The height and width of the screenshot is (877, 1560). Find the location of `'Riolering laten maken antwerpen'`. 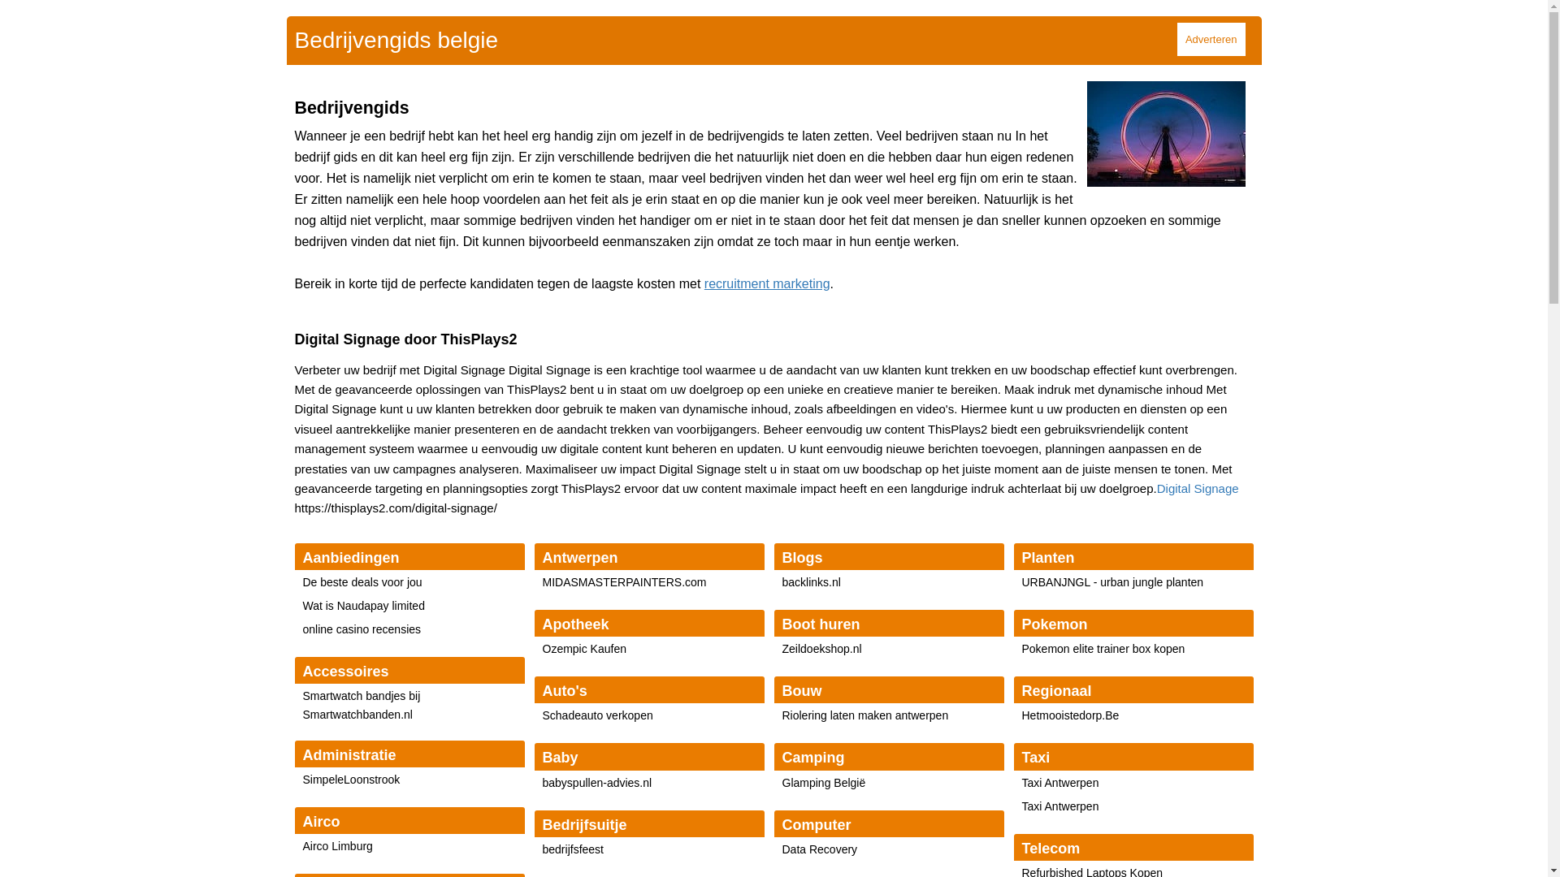

'Riolering laten maken antwerpen' is located at coordinates (864, 714).